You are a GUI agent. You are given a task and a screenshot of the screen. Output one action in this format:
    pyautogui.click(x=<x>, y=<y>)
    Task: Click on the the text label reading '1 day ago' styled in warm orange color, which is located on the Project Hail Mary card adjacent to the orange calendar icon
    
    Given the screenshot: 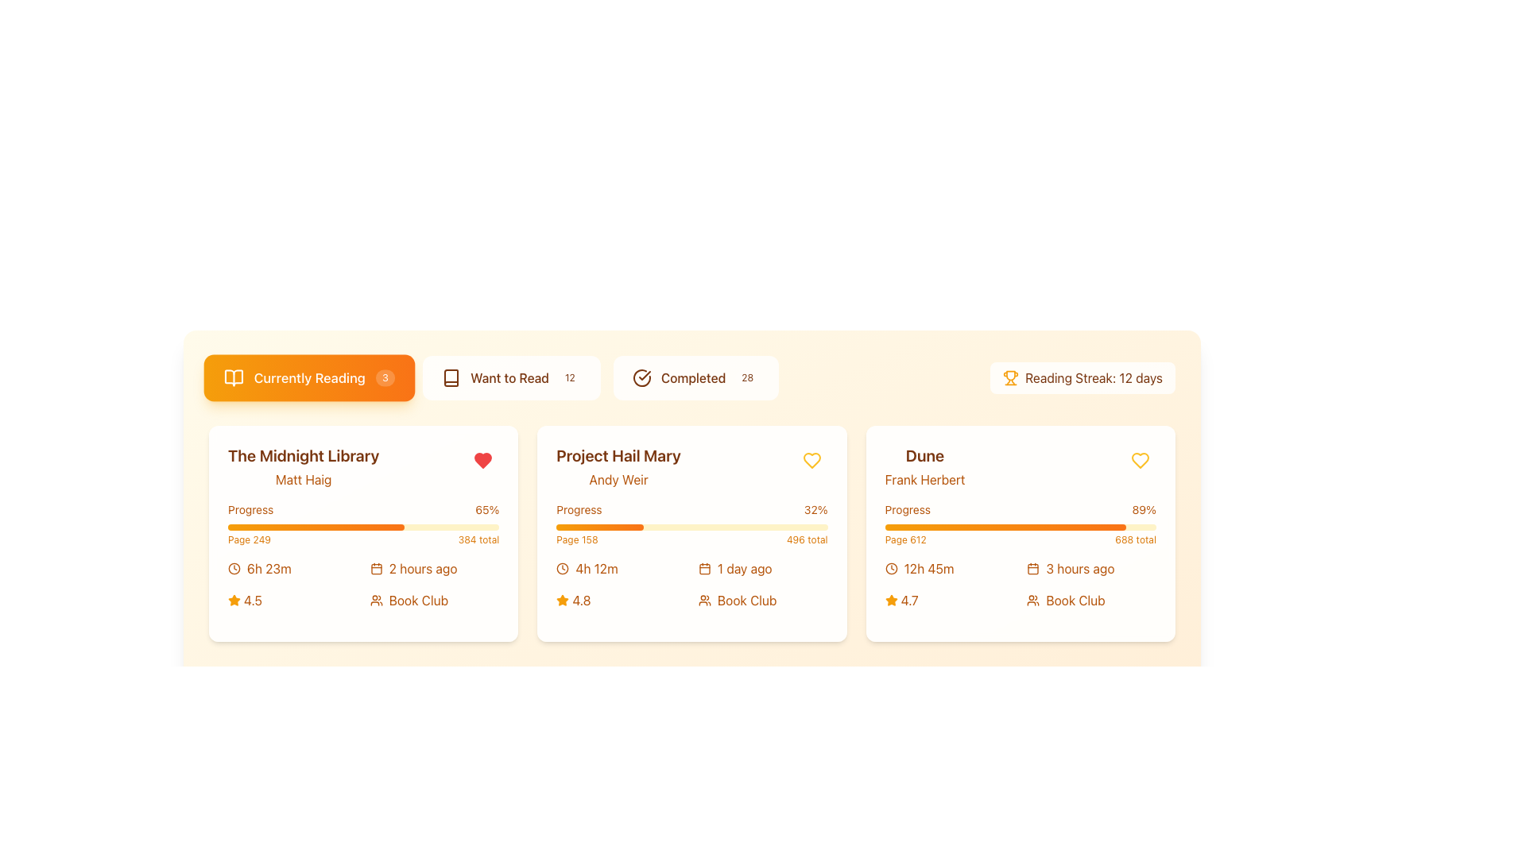 What is the action you would take?
    pyautogui.click(x=744, y=568)
    